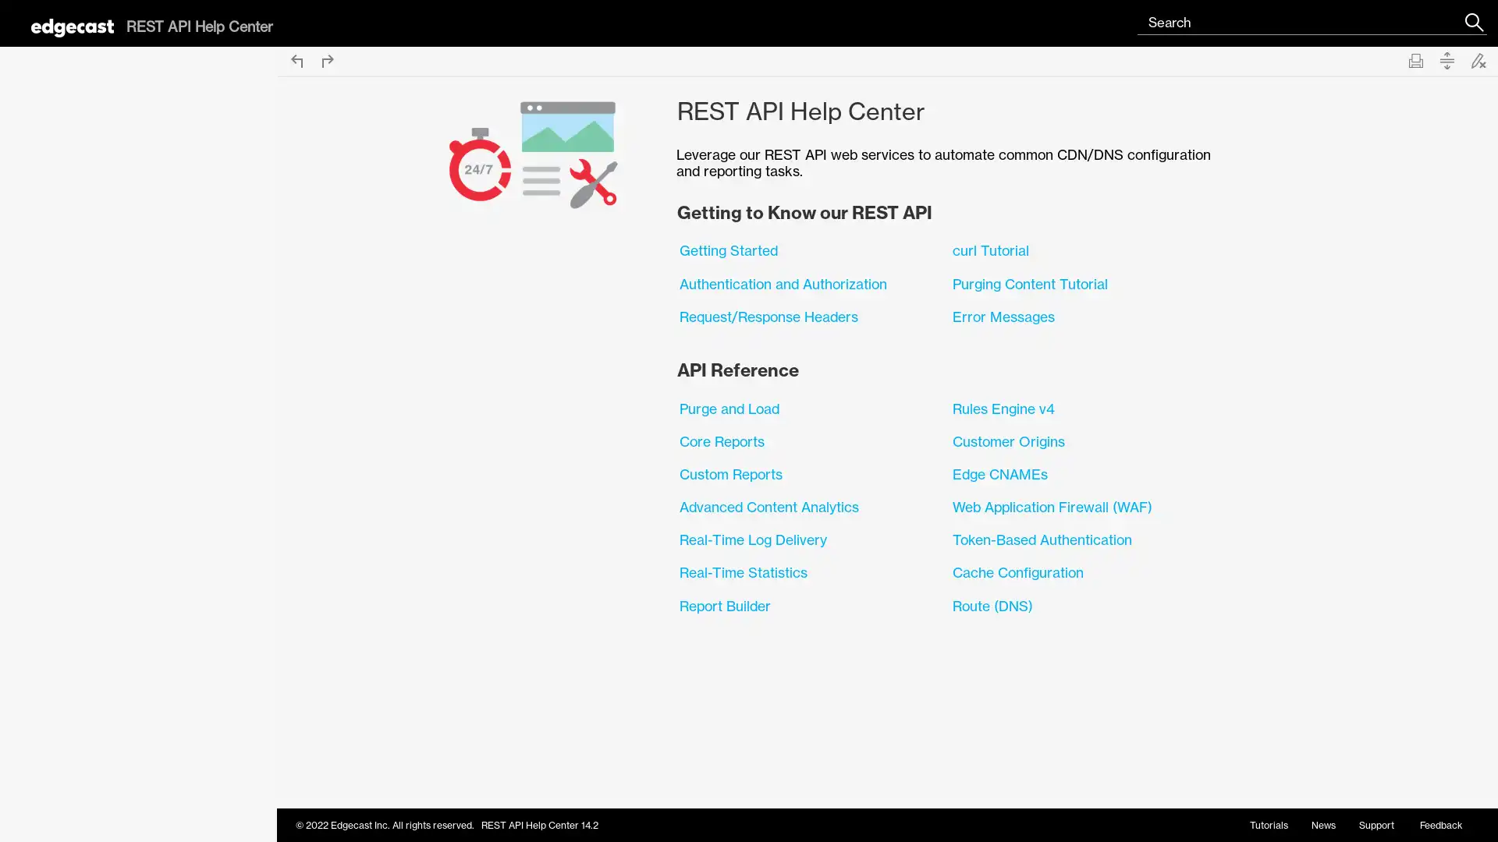 Image resolution: width=1498 pixels, height=842 pixels. I want to click on remove highlight, so click(1478, 59).